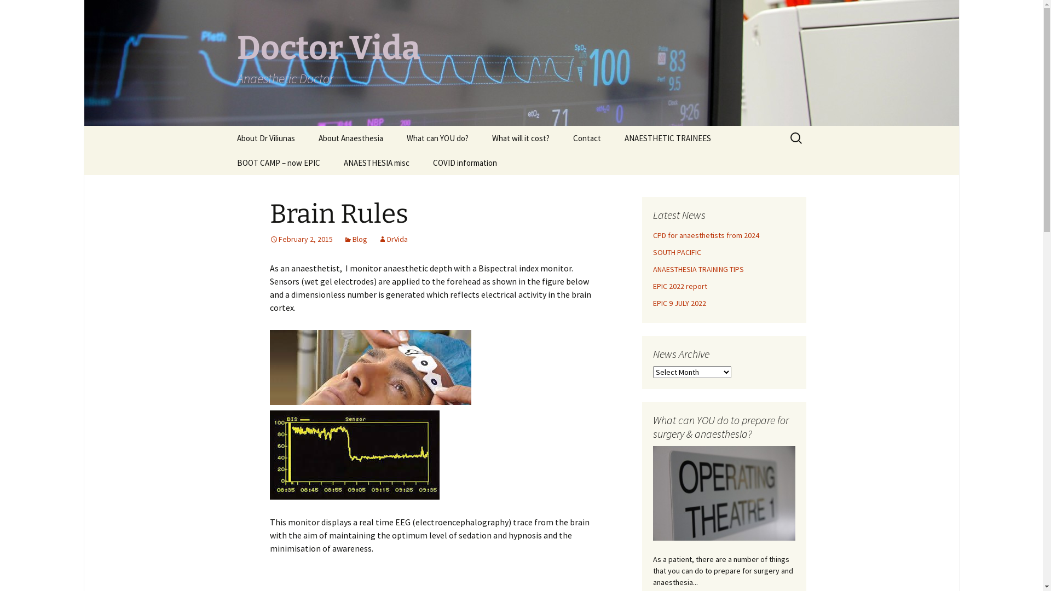 The image size is (1051, 591). What do you see at coordinates (355, 238) in the screenshot?
I see `'Blog'` at bounding box center [355, 238].